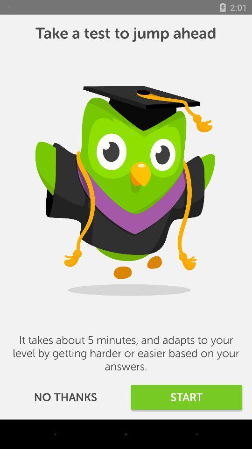 The height and width of the screenshot is (449, 252). What do you see at coordinates (186, 397) in the screenshot?
I see `start item` at bounding box center [186, 397].